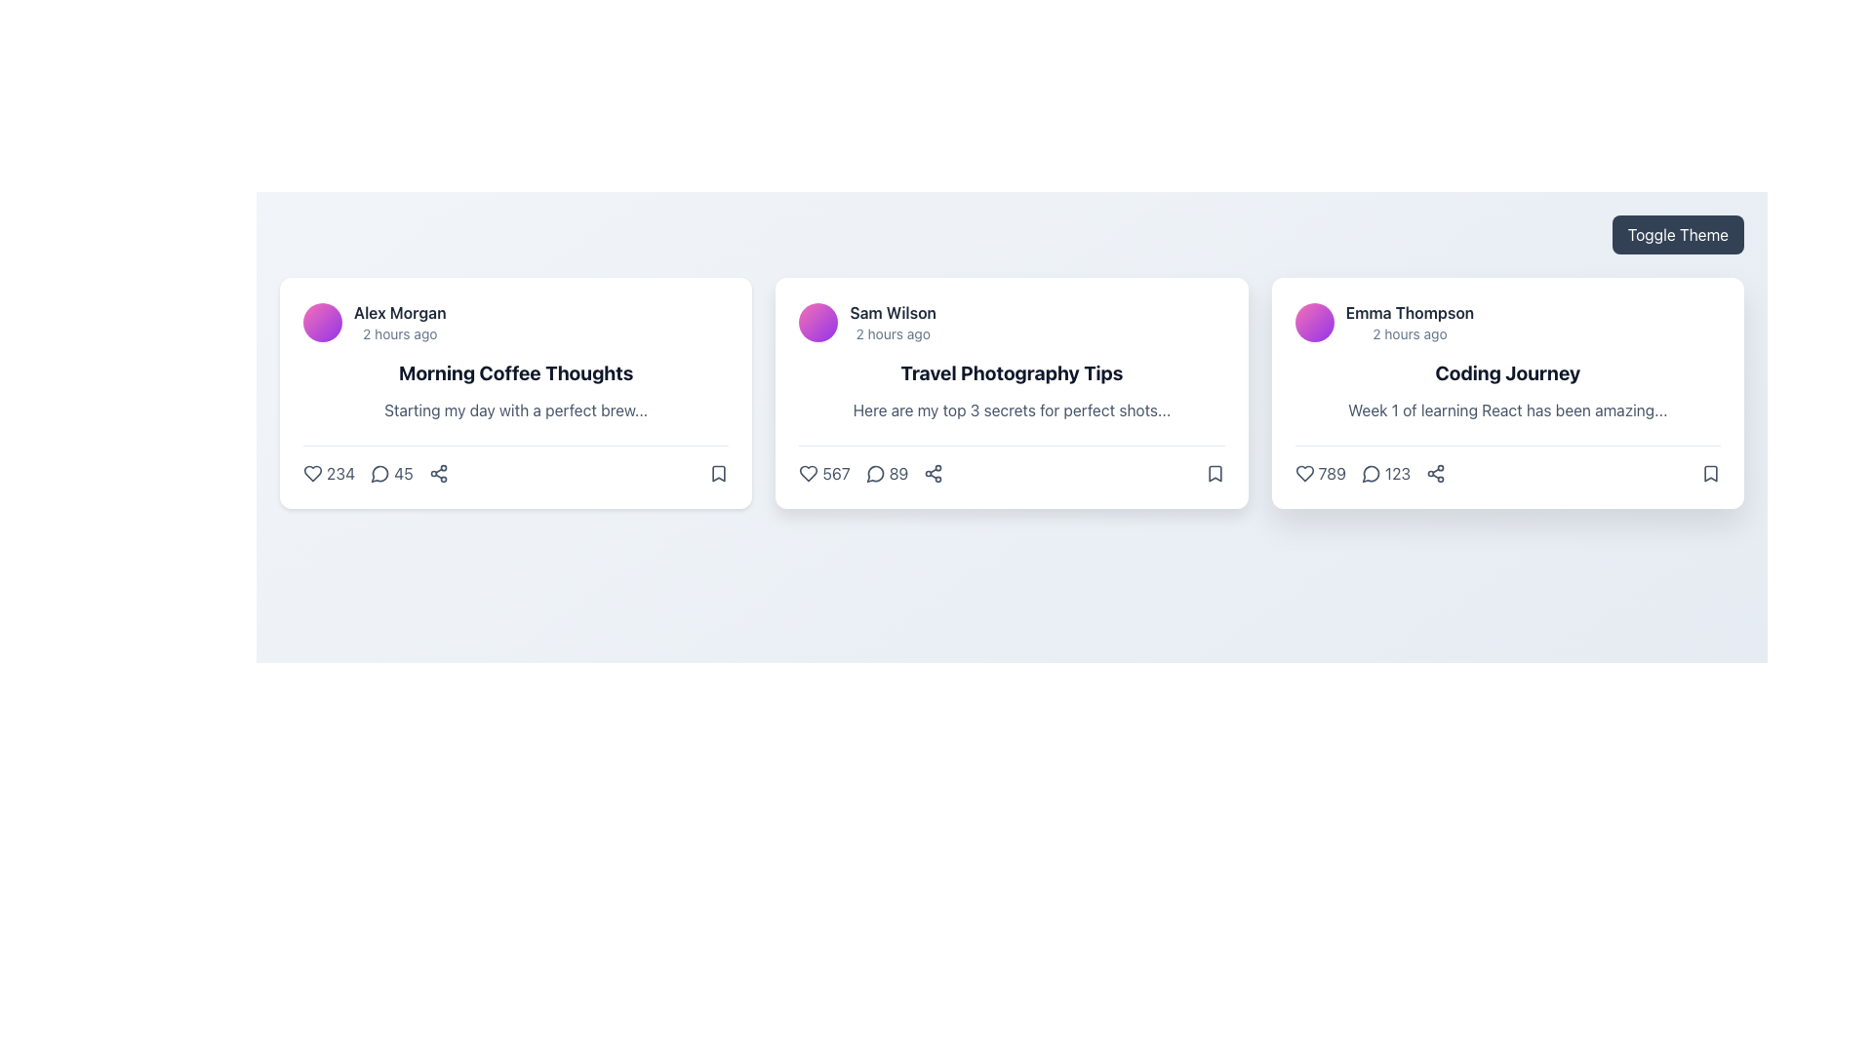 This screenshot has width=1873, height=1053. Describe the element at coordinates (1369, 474) in the screenshot. I see `the comment counter text label next to the heart icon and to the left of the chain icon` at that location.